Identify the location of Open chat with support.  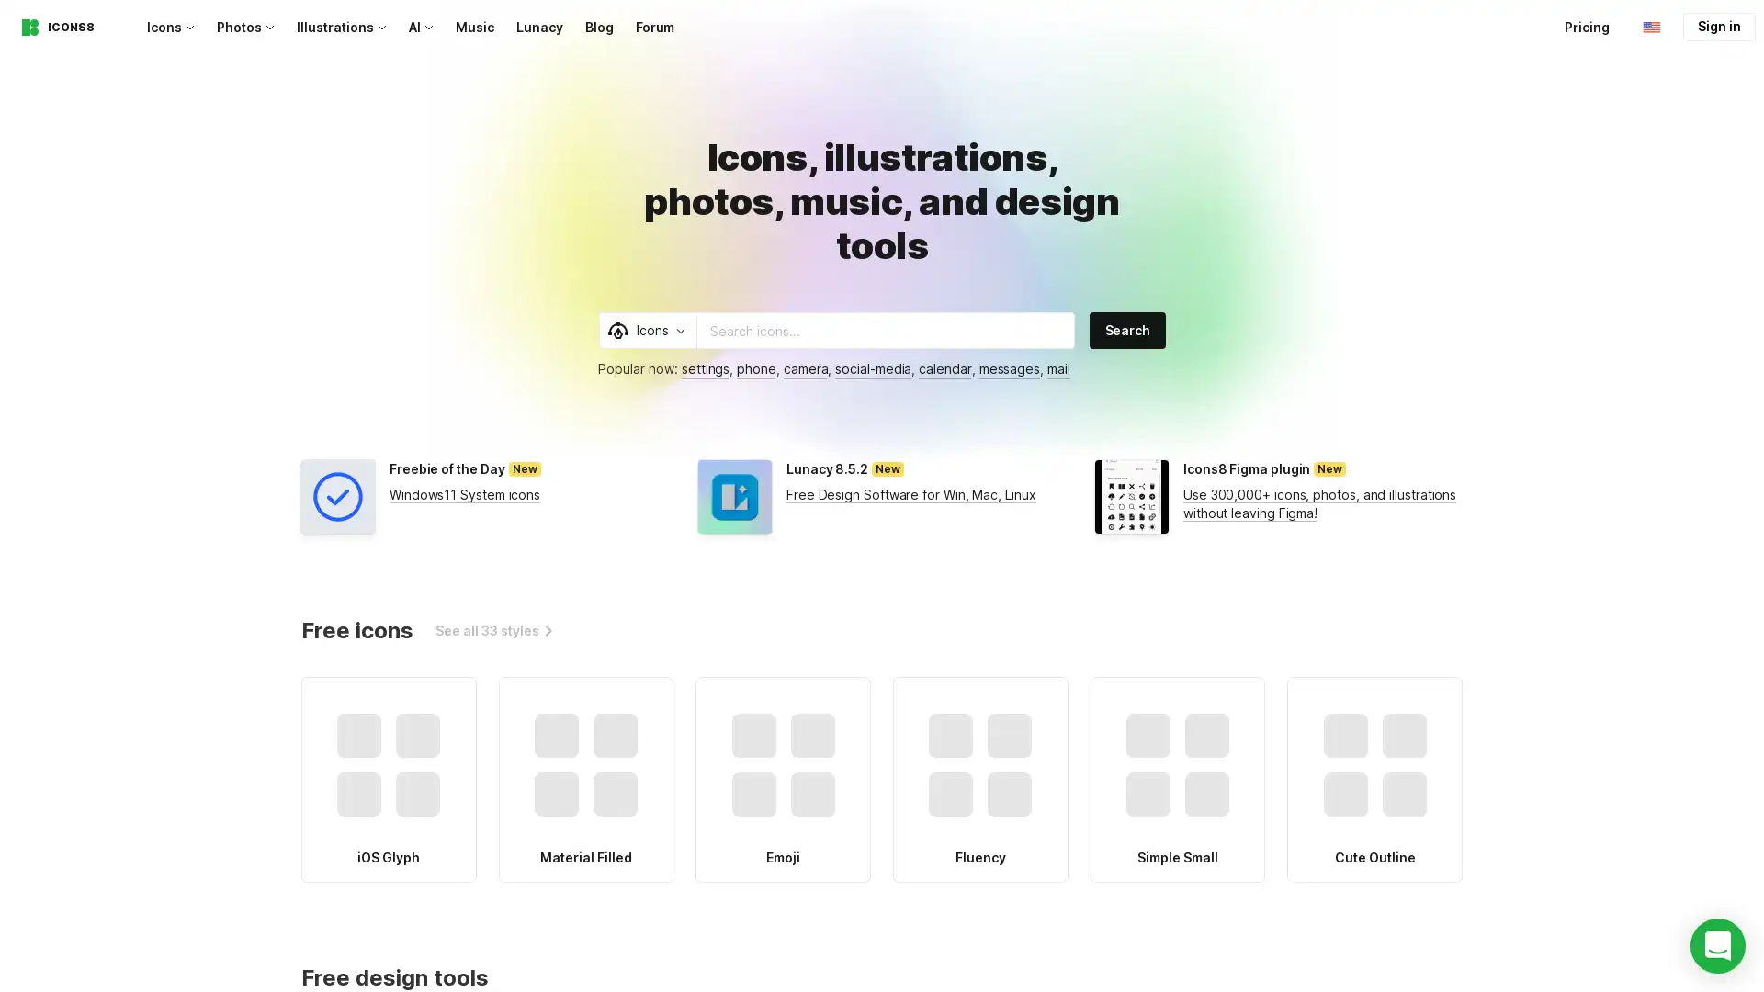
(1717, 945).